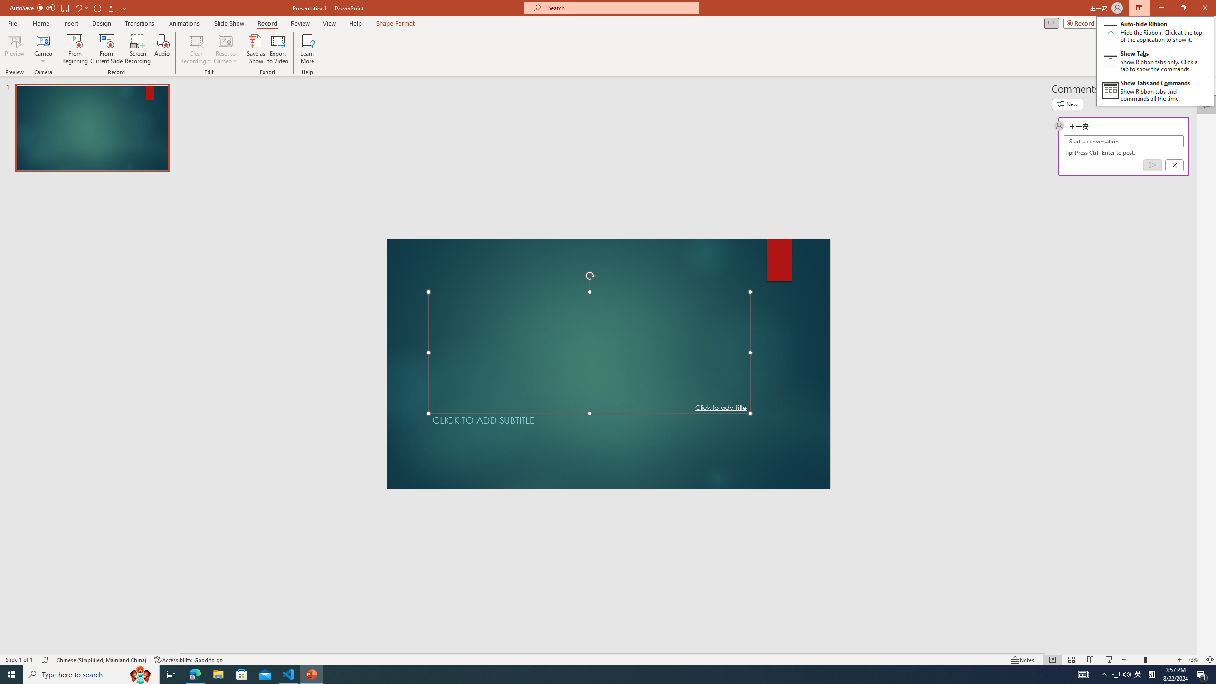 The width and height of the screenshot is (1216, 684). Describe the element at coordinates (1104, 674) in the screenshot. I see `'Notification Chevron'` at that location.